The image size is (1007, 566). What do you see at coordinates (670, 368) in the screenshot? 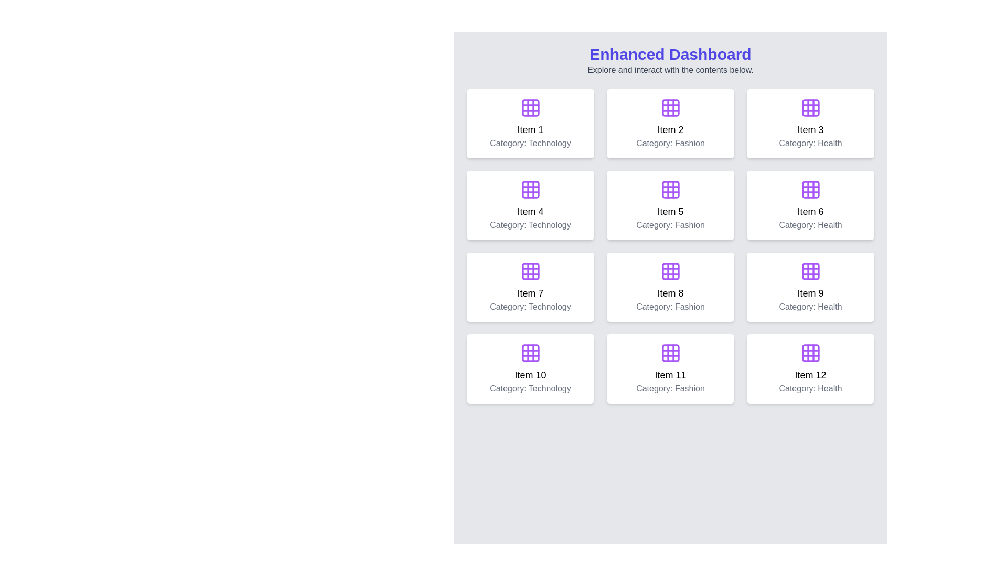
I see `the Information card representing an item in the 'Fashion' category, located in the last row, middle column of the grid layout` at bounding box center [670, 368].